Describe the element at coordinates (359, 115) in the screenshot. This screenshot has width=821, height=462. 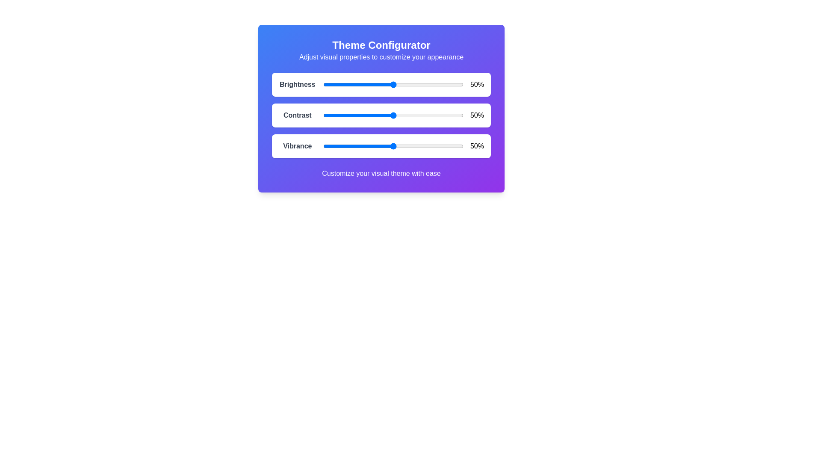
I see `the contrast slider to 26%` at that location.